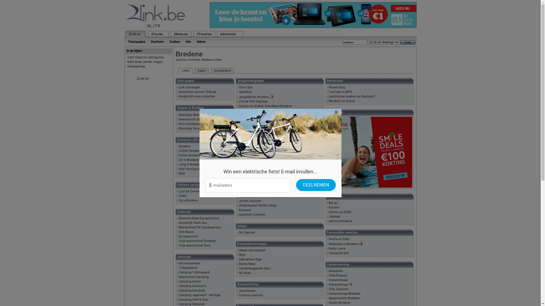  I want to click on 'Noella en Eddy', so click(339, 239).